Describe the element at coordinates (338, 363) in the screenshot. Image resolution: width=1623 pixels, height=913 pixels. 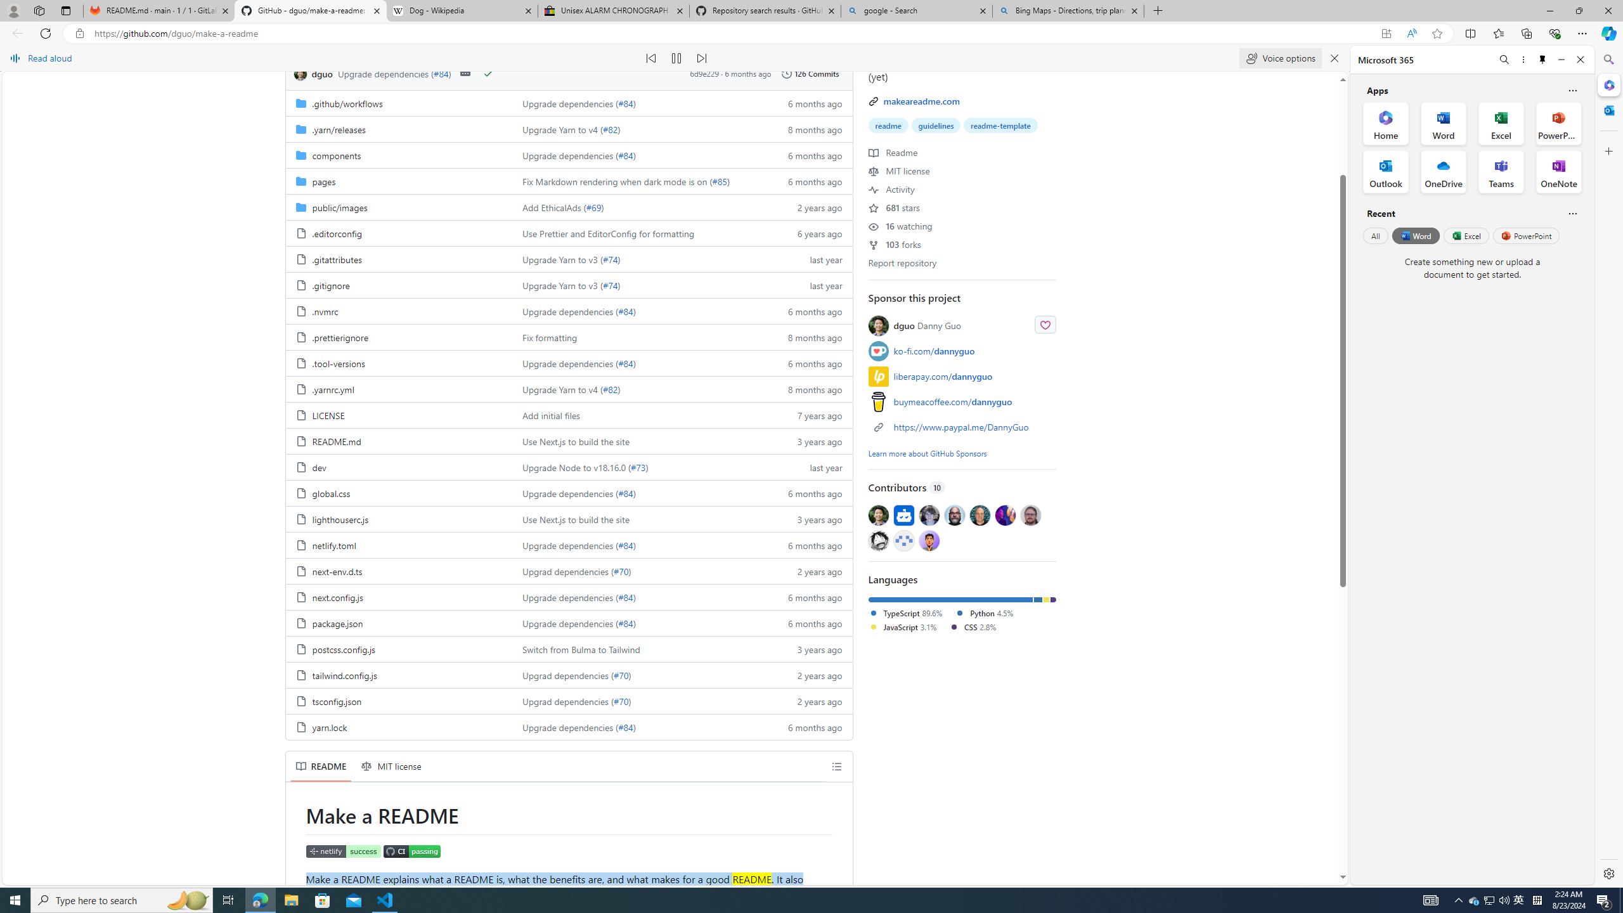
I see `'.tool-versions, (File)'` at that location.